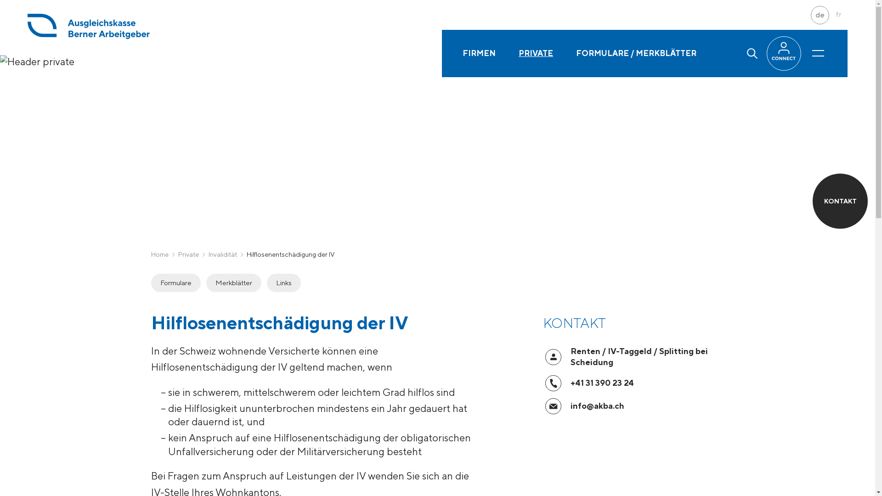 The height and width of the screenshot is (496, 882). I want to click on 'Private', so click(178, 254).